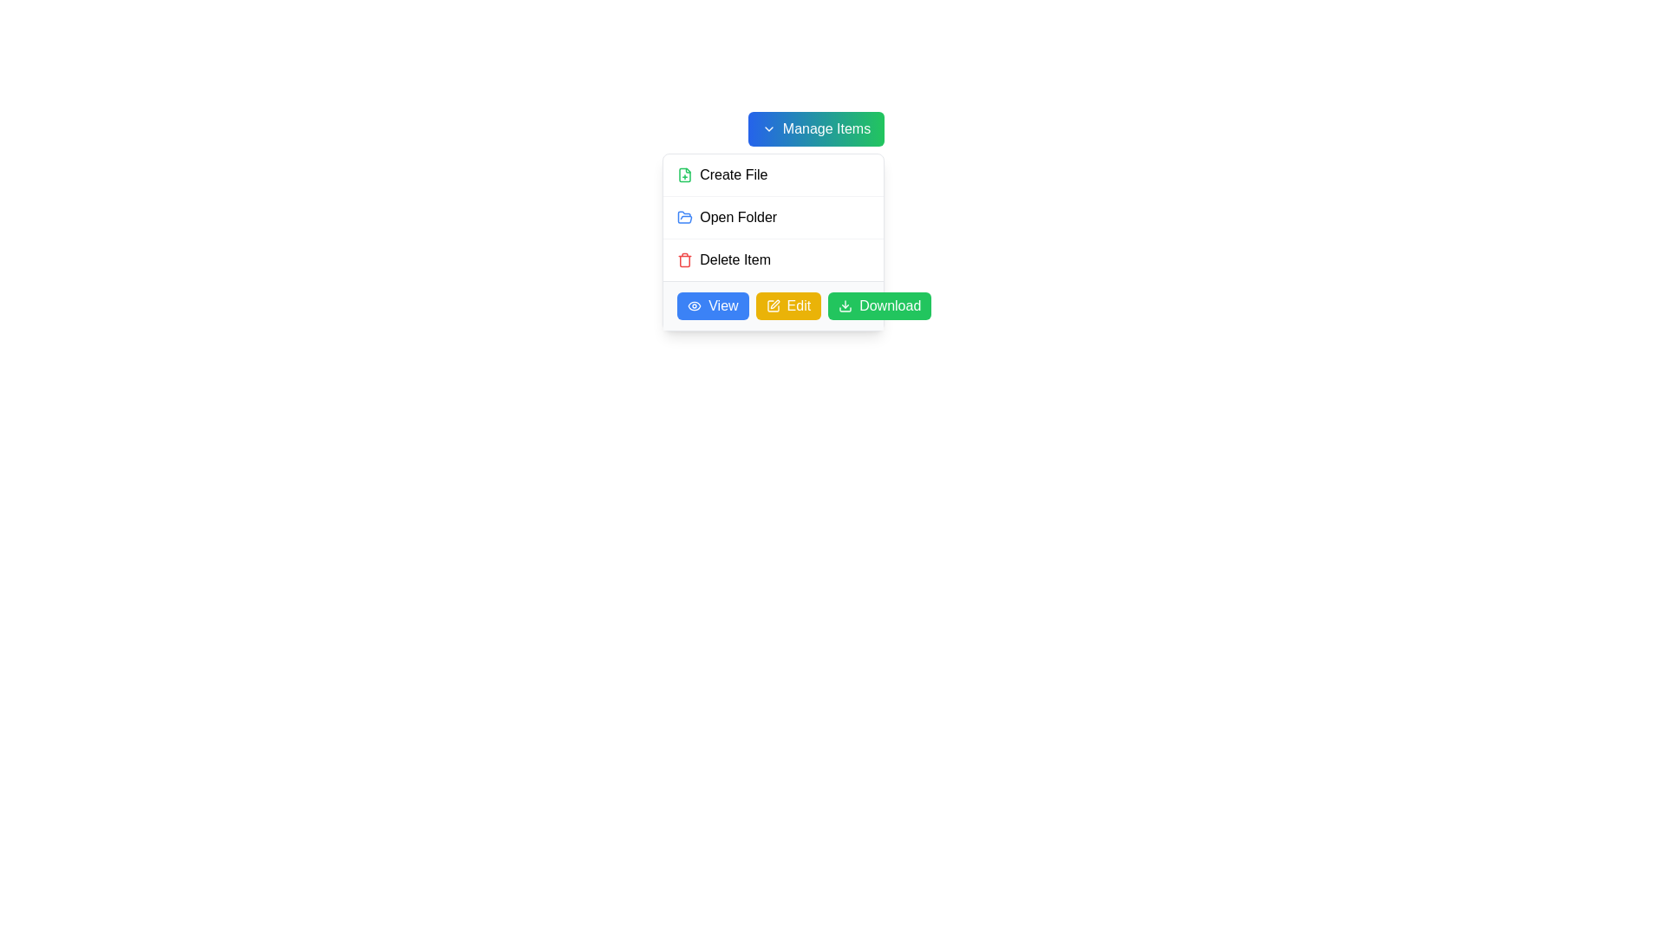 The image size is (1665, 937). What do you see at coordinates (773, 242) in the screenshot?
I see `the third item in the dropdown menu under the 'Manage Items' button` at bounding box center [773, 242].